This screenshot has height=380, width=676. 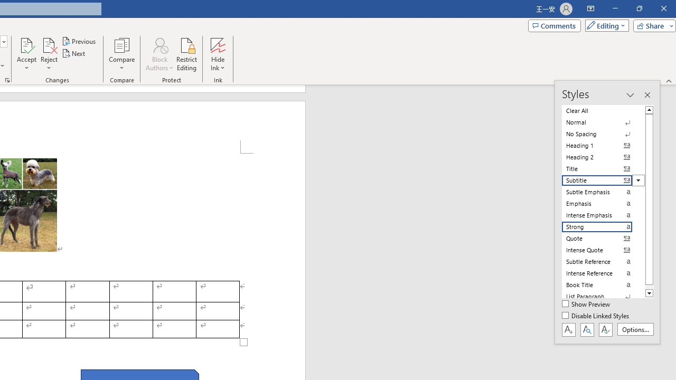 What do you see at coordinates (603, 134) in the screenshot?
I see `'No Spacing'` at bounding box center [603, 134].